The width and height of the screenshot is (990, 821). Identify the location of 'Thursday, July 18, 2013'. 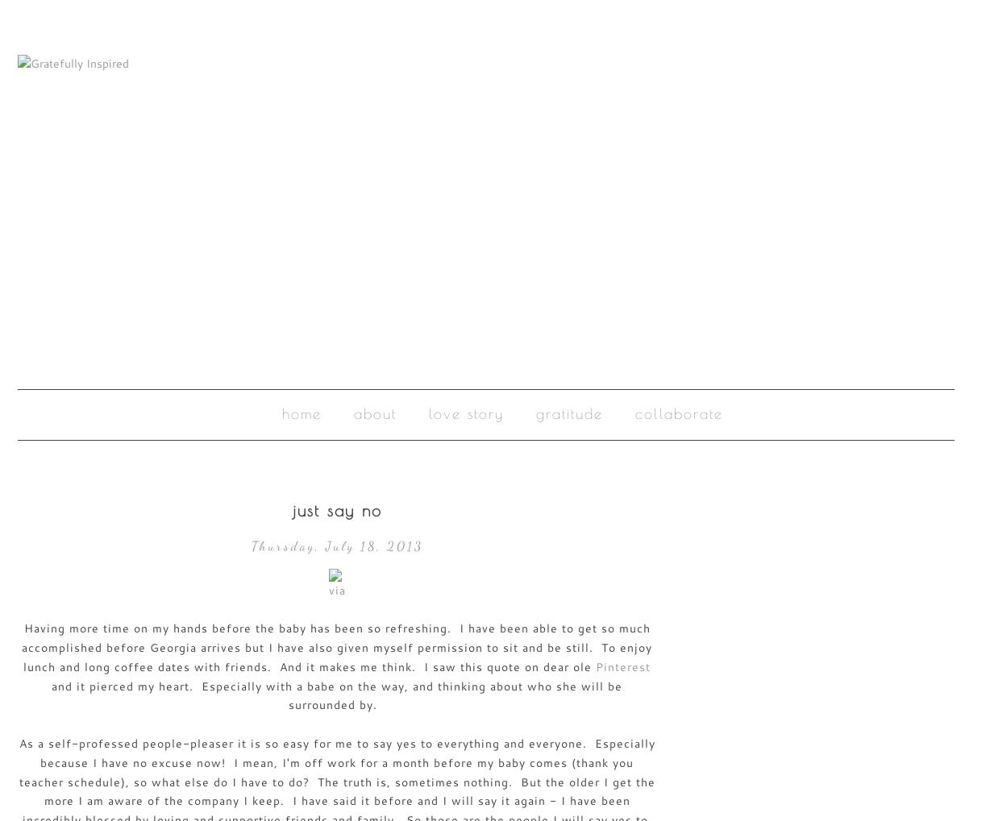
(336, 544).